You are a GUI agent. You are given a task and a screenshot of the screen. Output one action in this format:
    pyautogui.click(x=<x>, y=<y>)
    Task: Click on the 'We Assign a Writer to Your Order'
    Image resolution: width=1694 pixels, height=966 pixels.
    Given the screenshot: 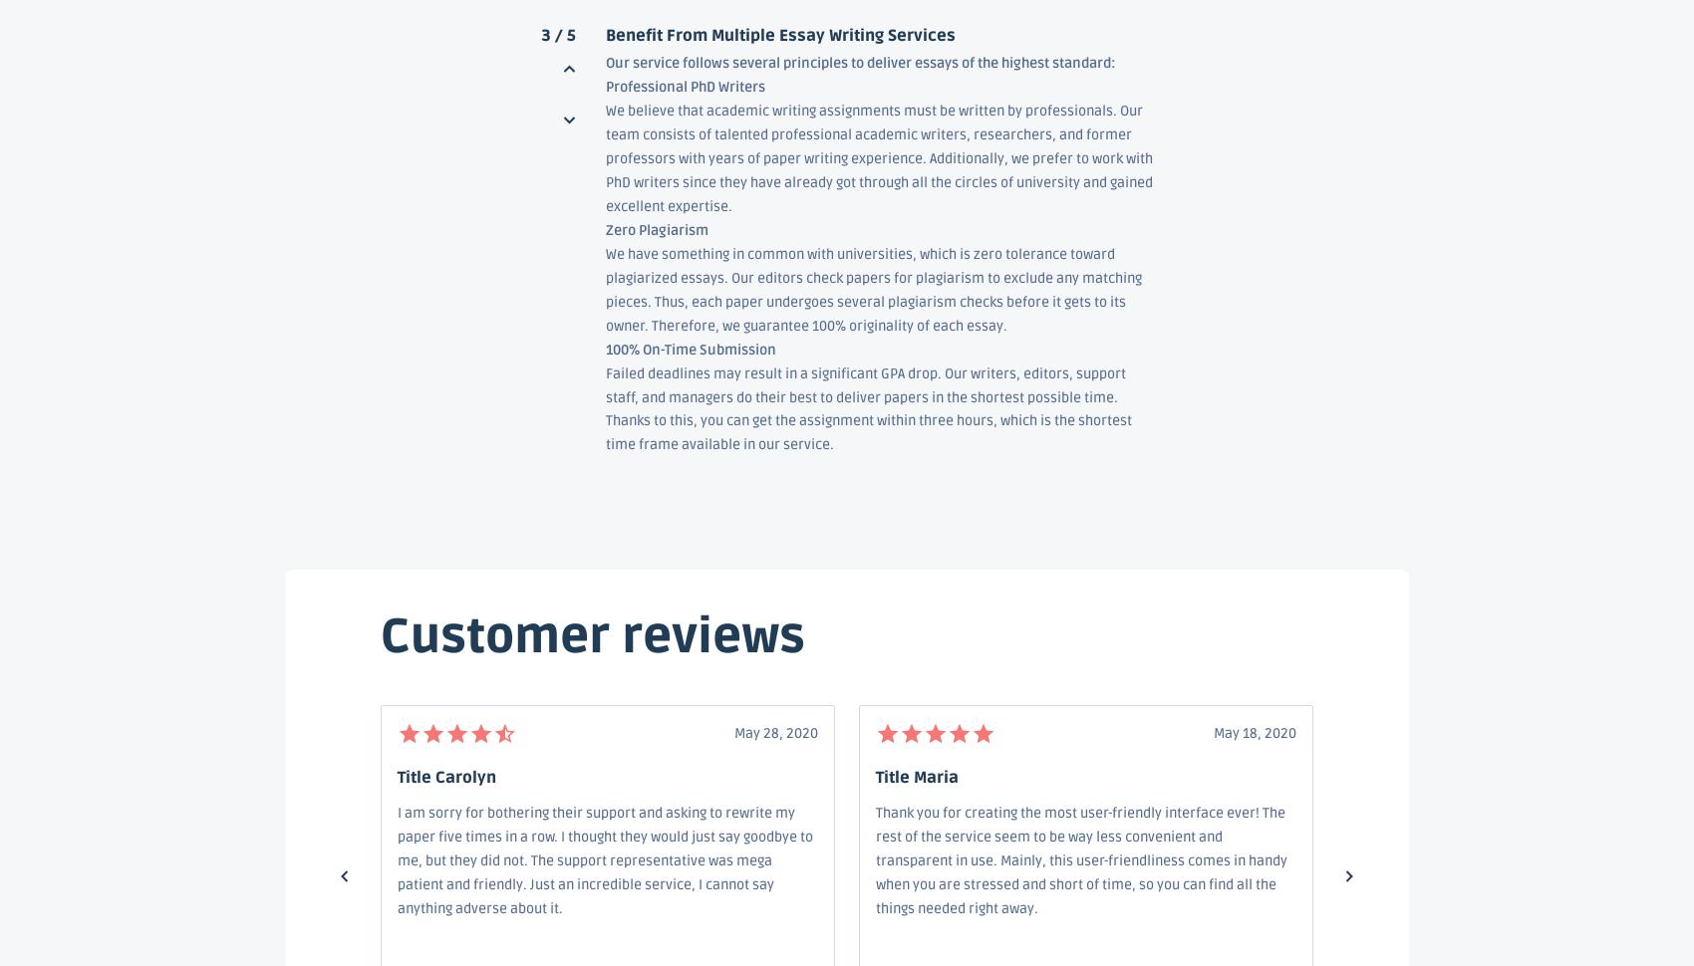 What is the action you would take?
    pyautogui.click(x=708, y=746)
    